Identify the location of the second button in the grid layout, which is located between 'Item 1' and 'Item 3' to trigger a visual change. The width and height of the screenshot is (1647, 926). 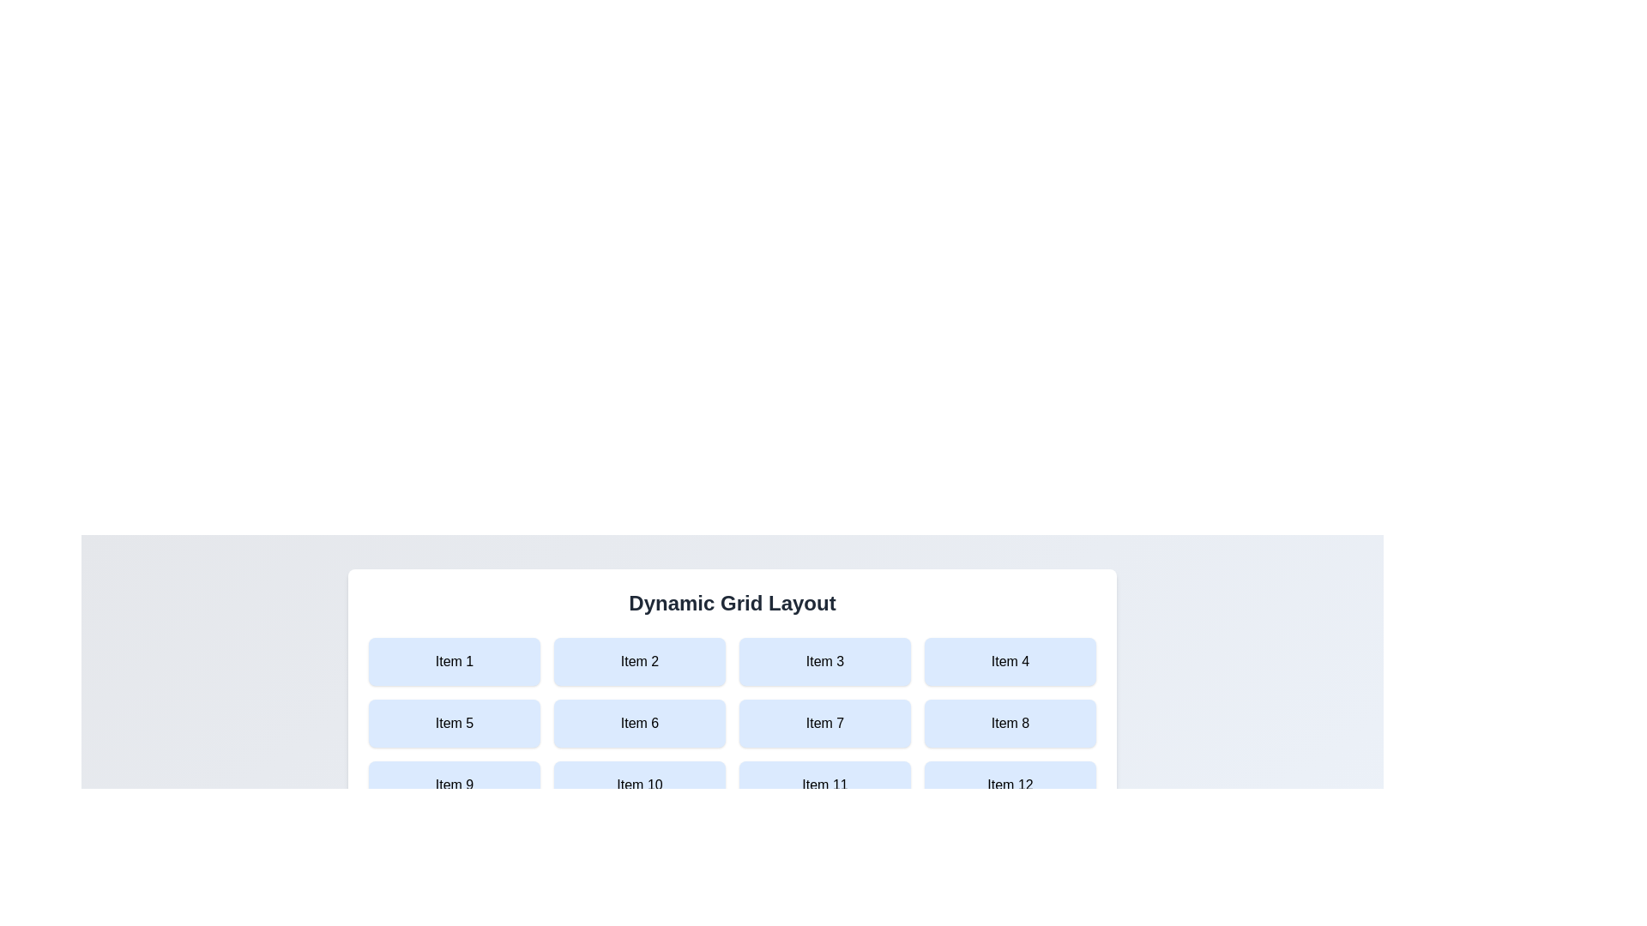
(638, 660).